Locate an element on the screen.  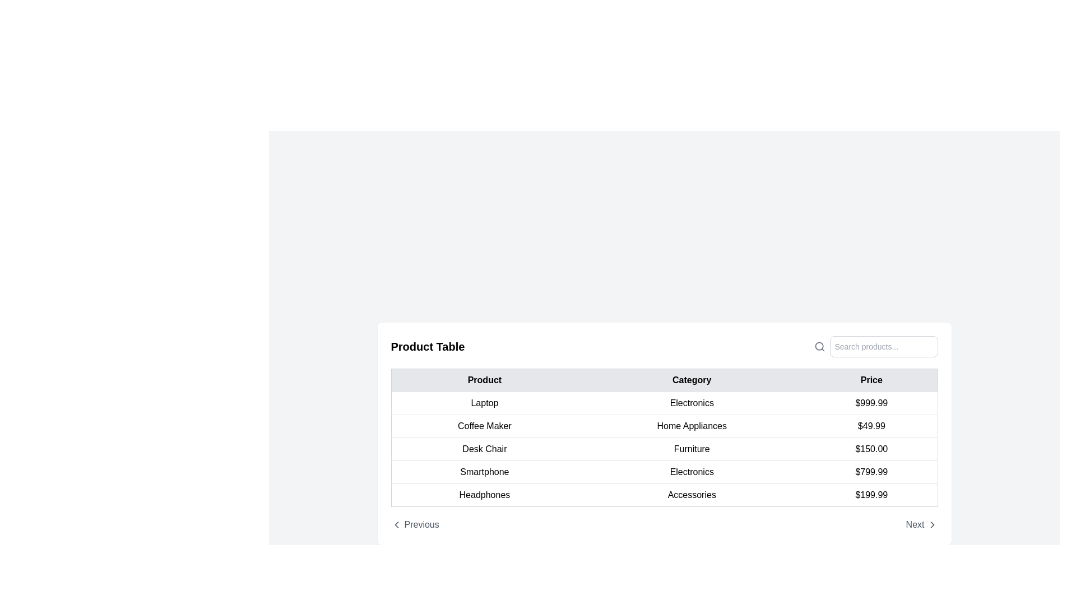
the text element 'Electronics' which is styled with padding and is center-aligned in the 'Category' column of the table, positioned between 'Smartphone' and '$799.99' is located at coordinates (691, 472).